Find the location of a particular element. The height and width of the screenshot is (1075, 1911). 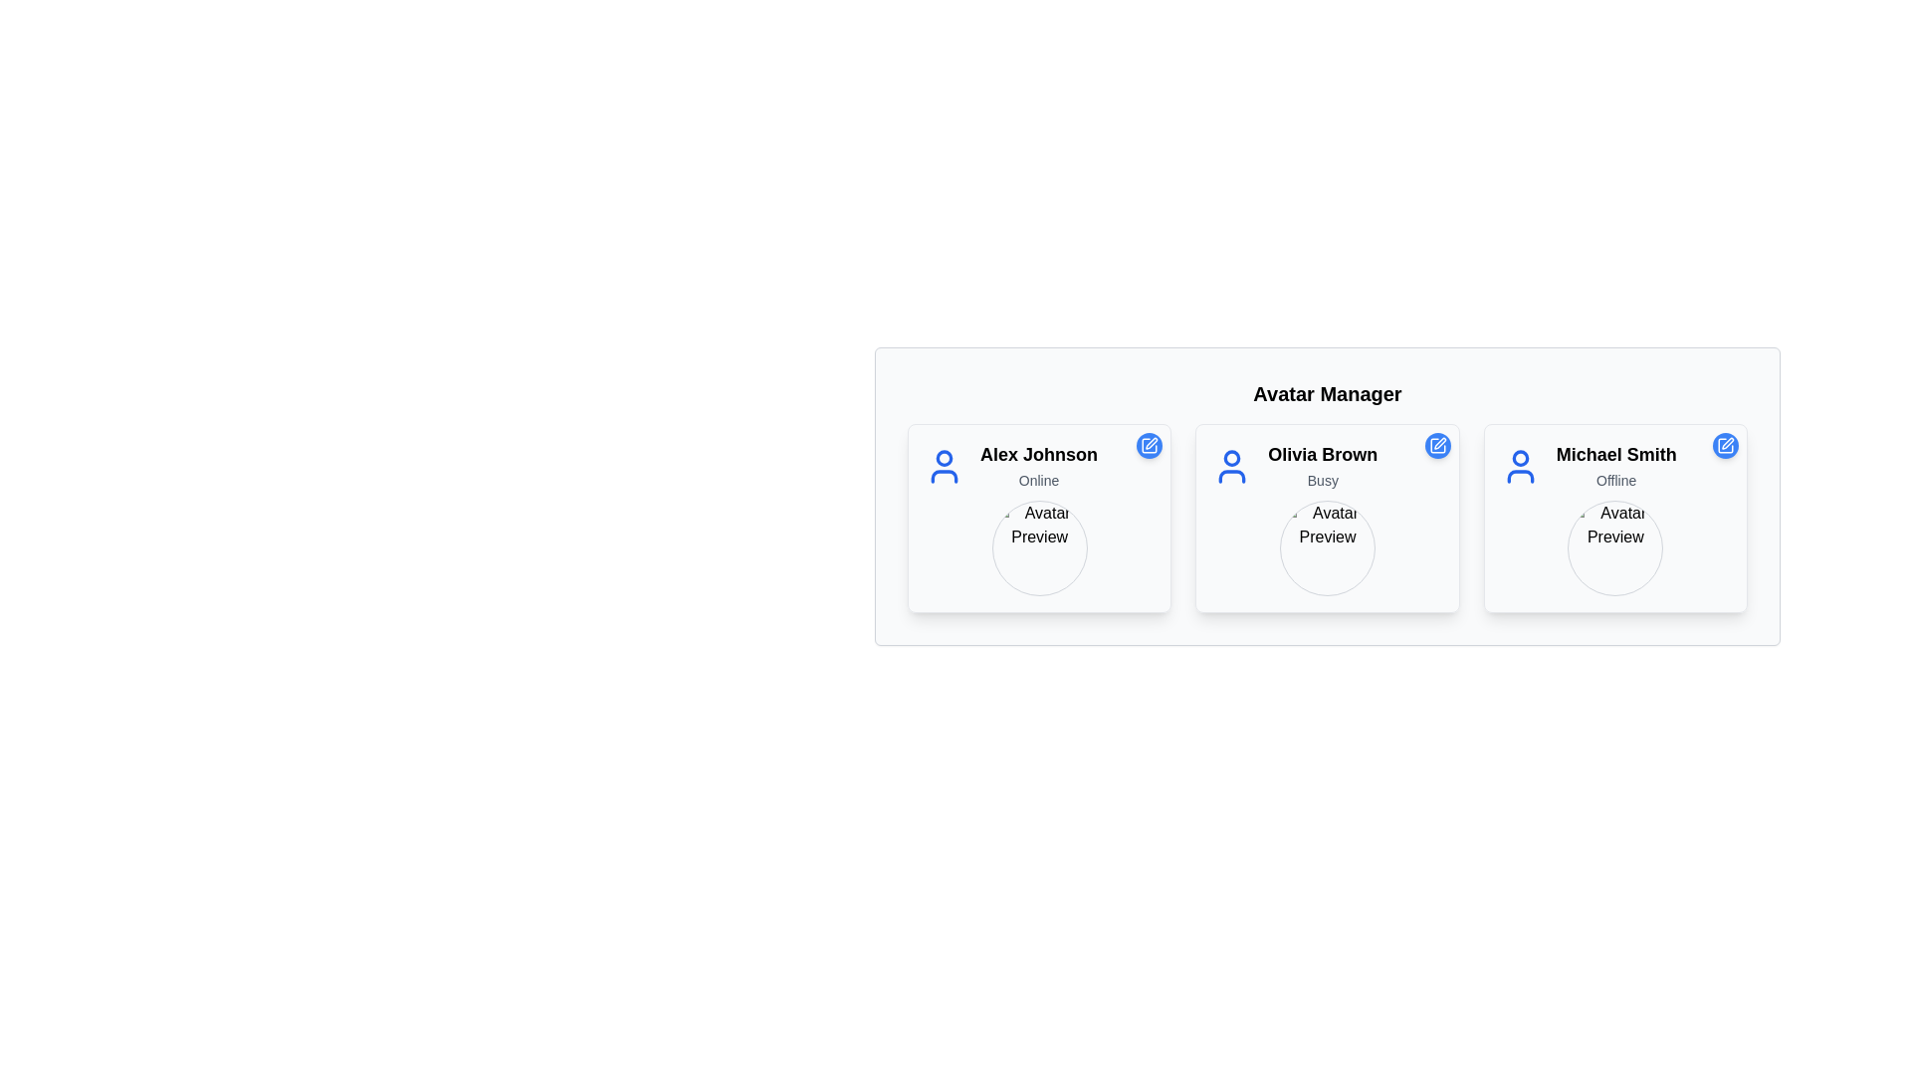

the circular part of the user profile icon representing 'Olivia Brown' at the top center of the profile card is located at coordinates (1231, 458).